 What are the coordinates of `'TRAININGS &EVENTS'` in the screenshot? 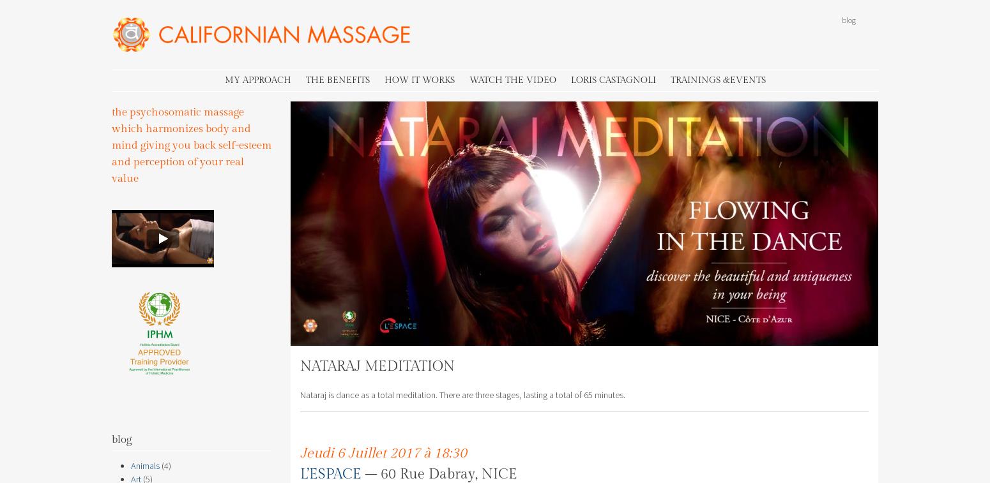 It's located at (717, 78).